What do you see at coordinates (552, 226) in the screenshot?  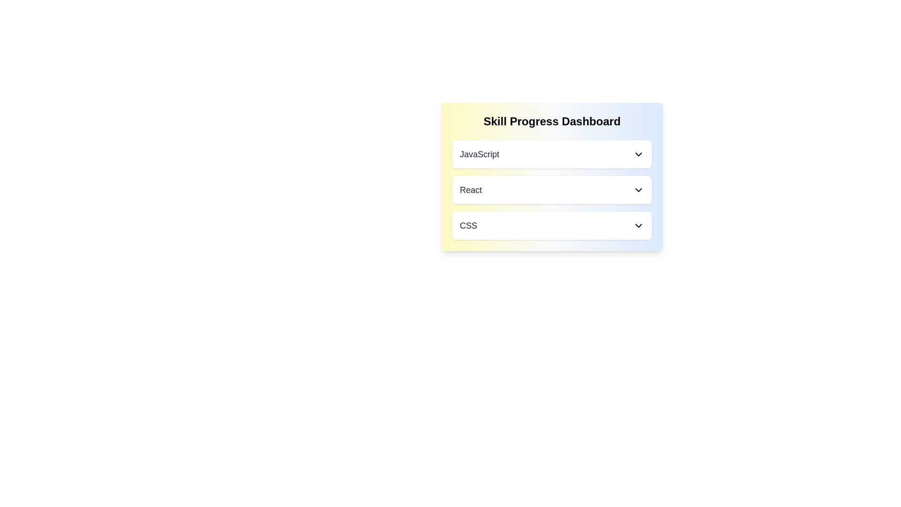 I see `the Dropdown menu item labeled 'CSS', which is the third item in the list` at bounding box center [552, 226].